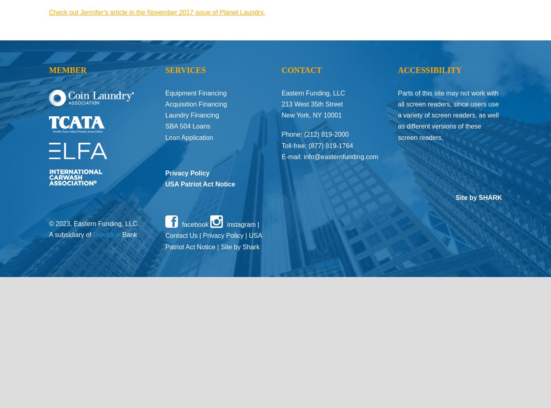 This screenshot has width=551, height=408. What do you see at coordinates (95, 223) in the screenshot?
I see `'© 2023, Eastern Funding, LLC'` at bounding box center [95, 223].